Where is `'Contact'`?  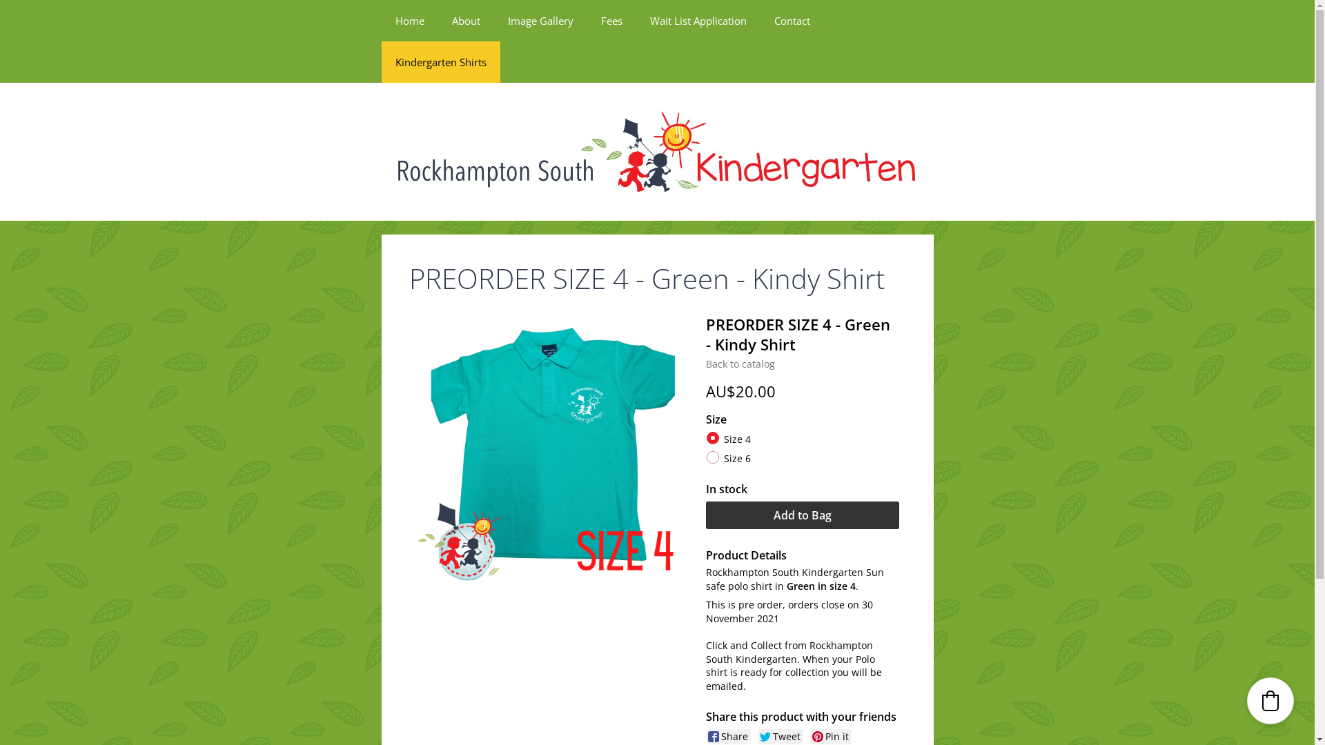
'Contact' is located at coordinates (792, 21).